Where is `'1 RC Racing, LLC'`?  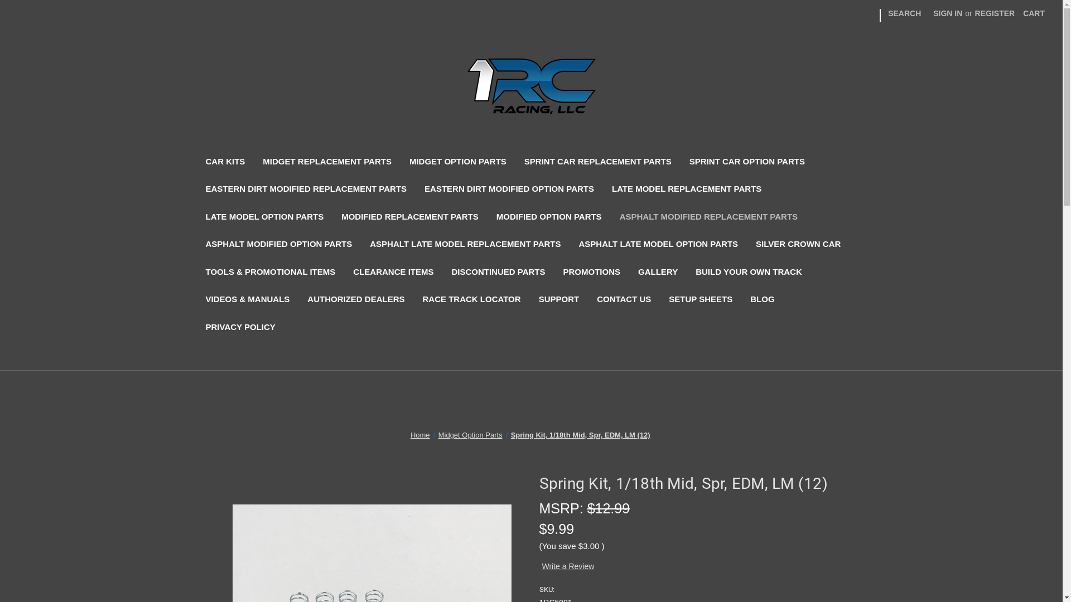
'1 RC Racing, LLC' is located at coordinates (531, 85).